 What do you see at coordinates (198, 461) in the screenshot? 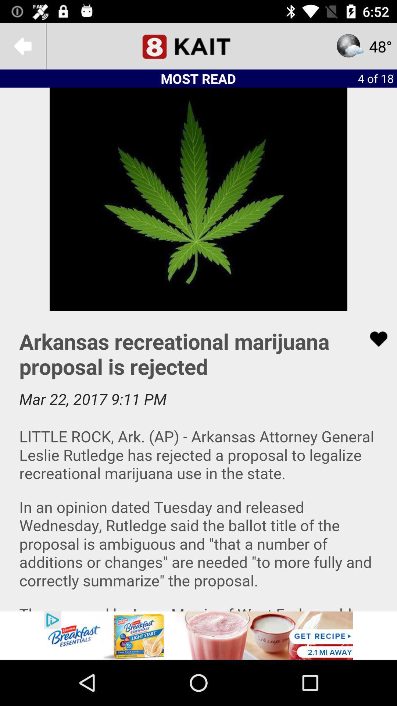
I see `advertisement page` at bounding box center [198, 461].